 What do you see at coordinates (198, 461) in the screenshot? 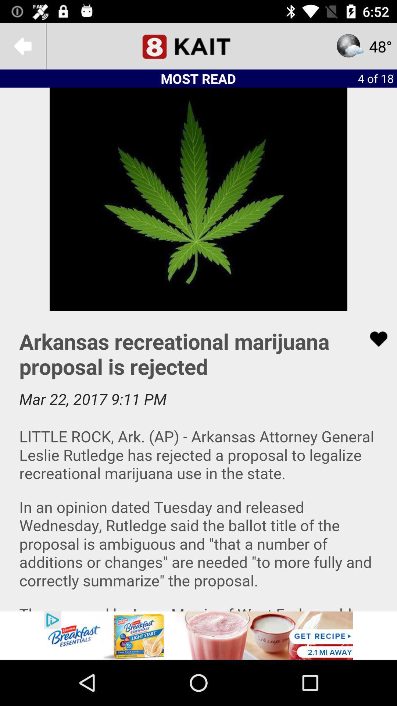
I see `advertisement page` at bounding box center [198, 461].